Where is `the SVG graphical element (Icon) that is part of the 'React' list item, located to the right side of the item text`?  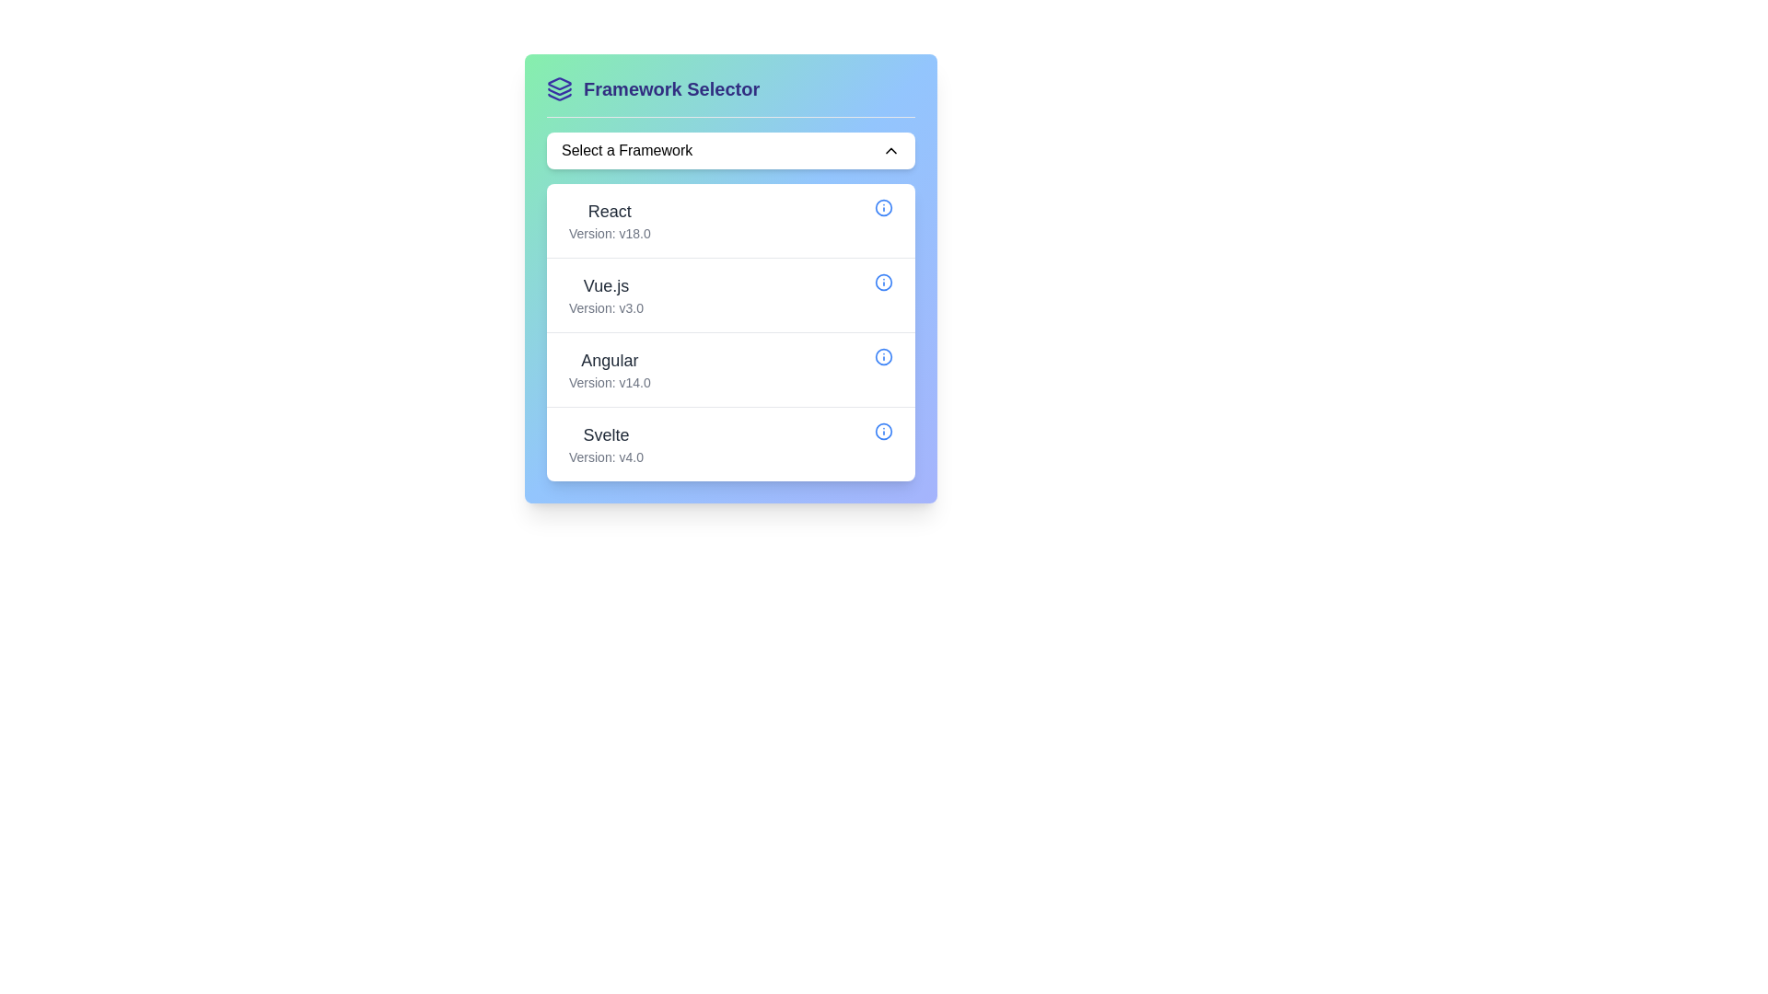 the SVG graphical element (Icon) that is part of the 'React' list item, located to the right side of the item text is located at coordinates (884, 207).